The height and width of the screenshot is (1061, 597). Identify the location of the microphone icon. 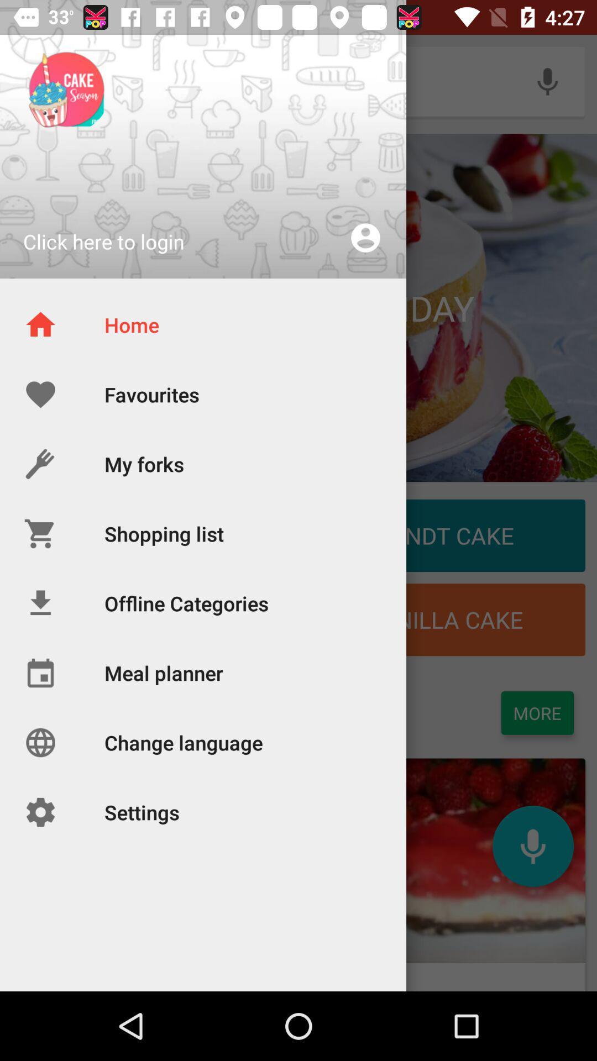
(547, 81).